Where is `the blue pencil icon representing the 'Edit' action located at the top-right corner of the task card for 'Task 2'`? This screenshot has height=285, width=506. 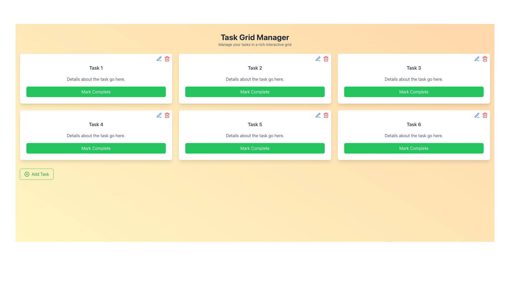
the blue pencil icon representing the 'Edit' action located at the top-right corner of the task card for 'Task 2' is located at coordinates (322, 59).